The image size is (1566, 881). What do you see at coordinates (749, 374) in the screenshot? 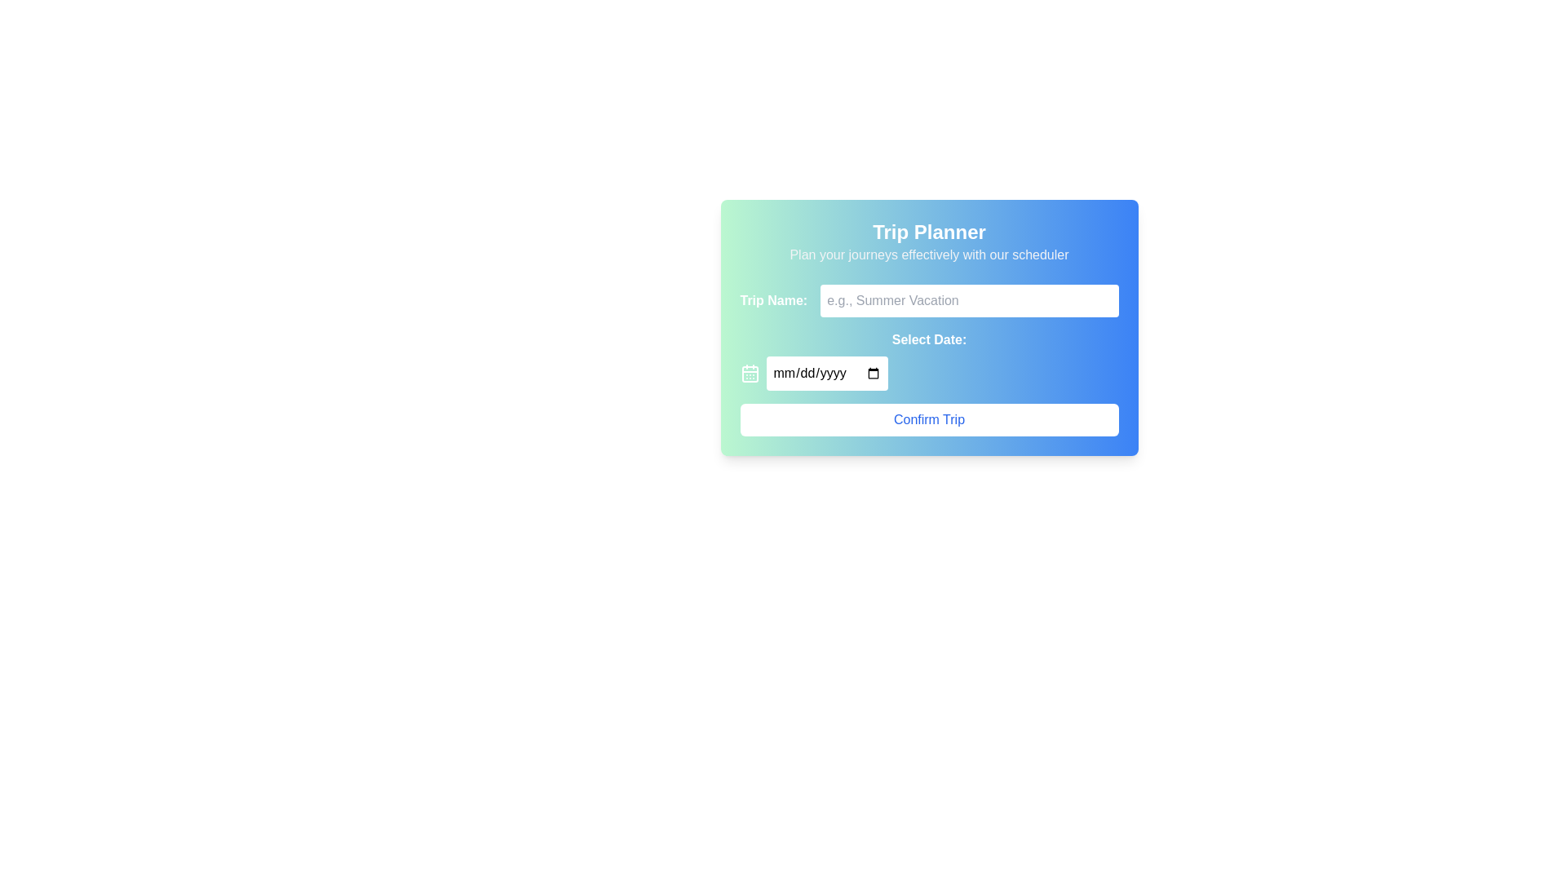
I see `the date selection icon located to the left of the date input field` at bounding box center [749, 374].